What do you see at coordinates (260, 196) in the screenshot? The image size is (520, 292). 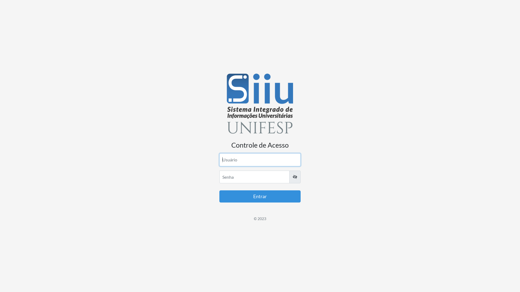 I see `'Entrar'` at bounding box center [260, 196].